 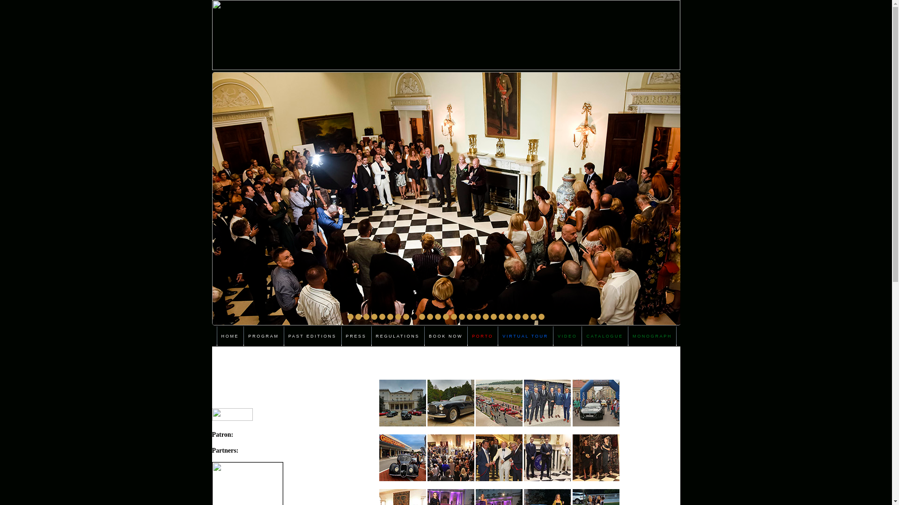 What do you see at coordinates (567, 335) in the screenshot?
I see `'VIDEO'` at bounding box center [567, 335].